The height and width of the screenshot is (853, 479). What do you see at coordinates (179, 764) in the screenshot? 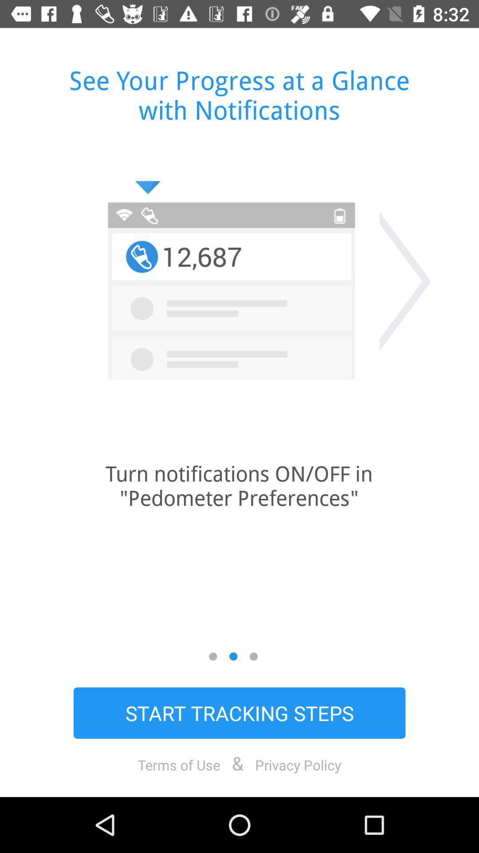
I see `item next to the & icon` at bounding box center [179, 764].